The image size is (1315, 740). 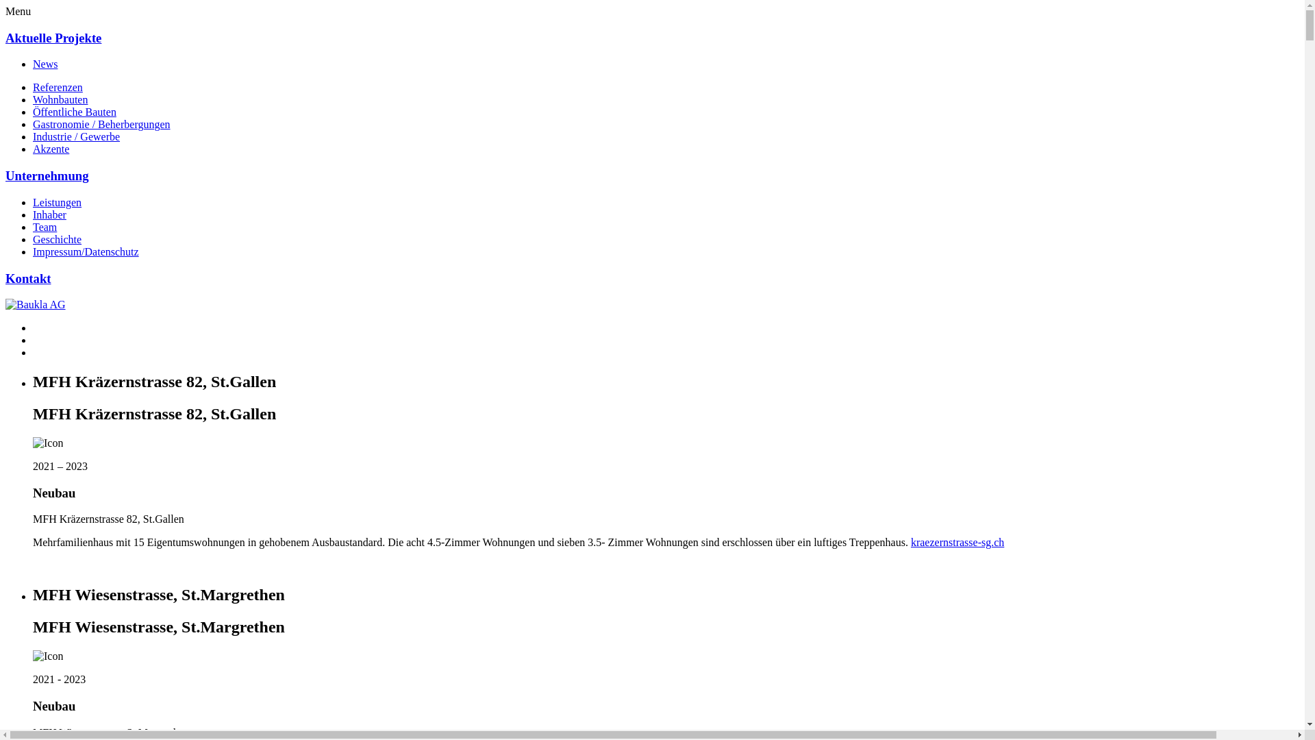 I want to click on 'Referenzen', so click(x=57, y=87).